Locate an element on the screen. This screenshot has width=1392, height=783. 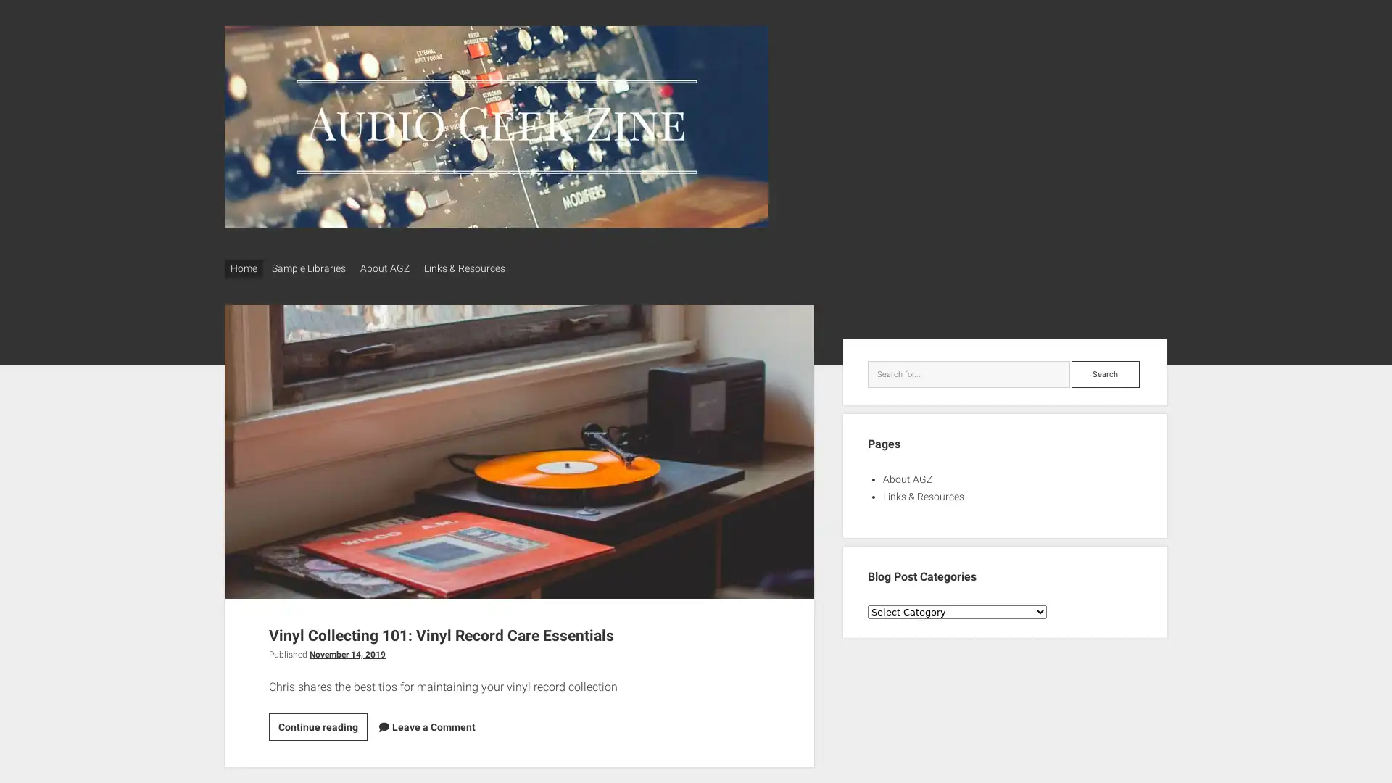
Search is located at coordinates (1104, 368).